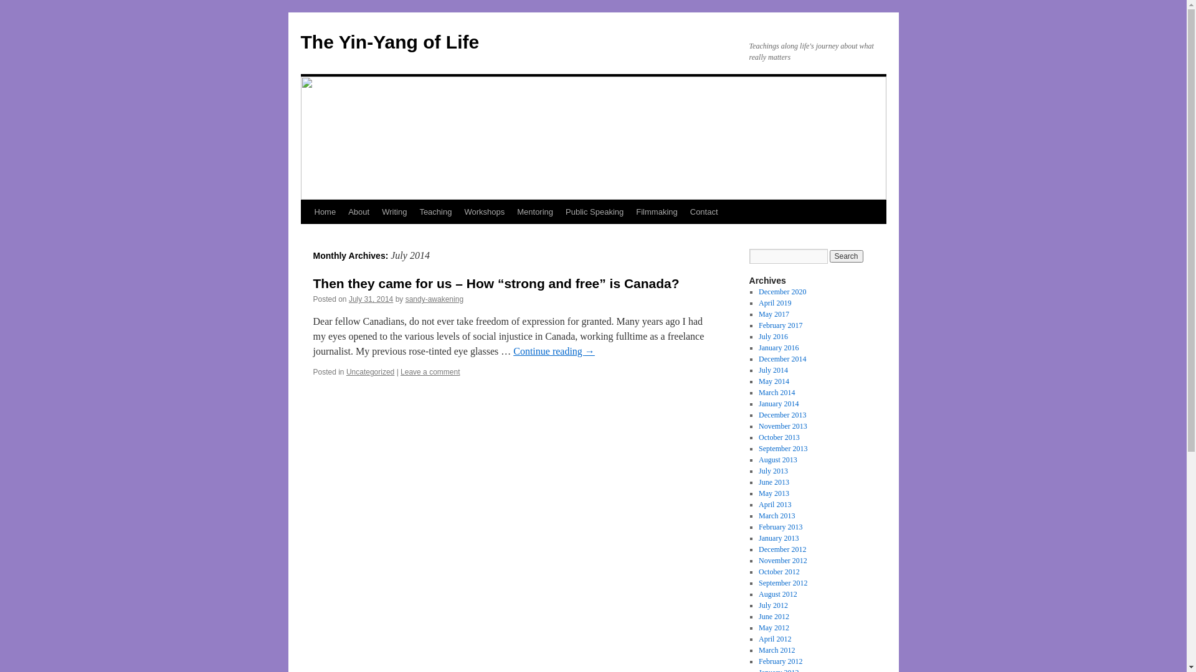 This screenshot has width=1196, height=672. Describe the element at coordinates (758, 549) in the screenshot. I see `'December 2012'` at that location.